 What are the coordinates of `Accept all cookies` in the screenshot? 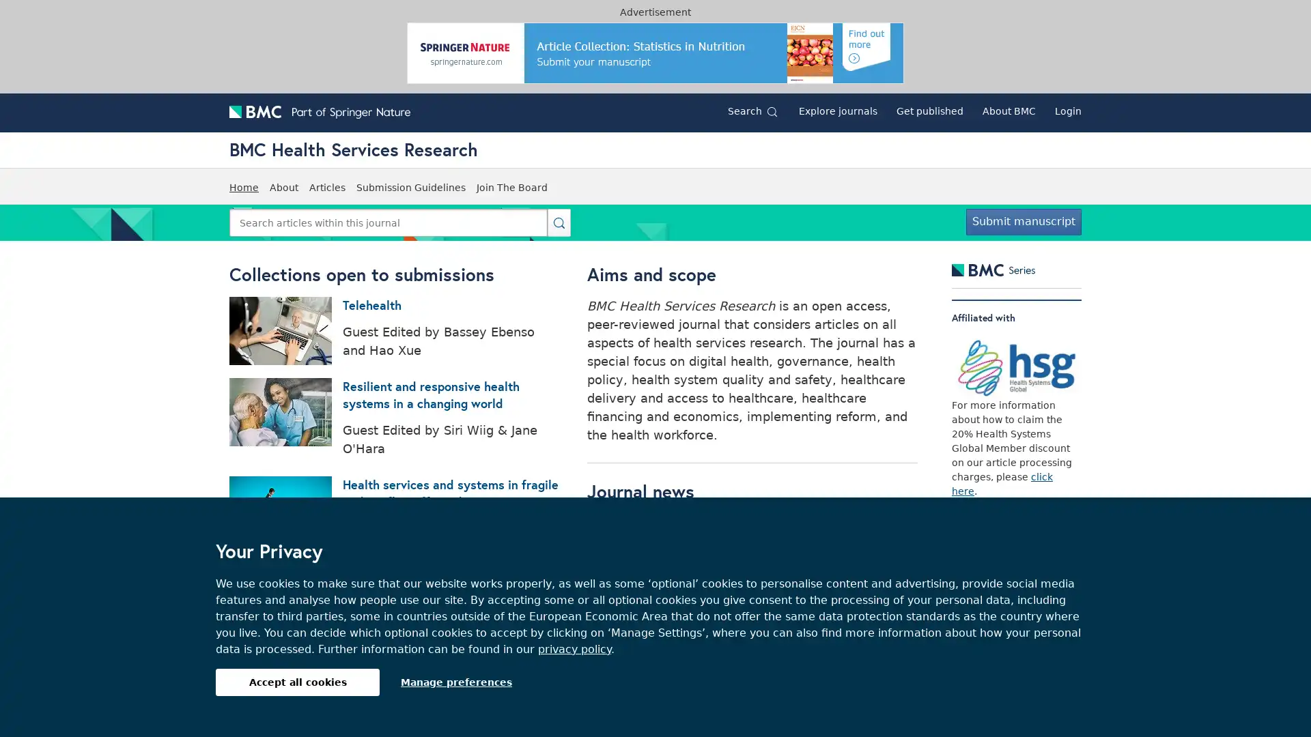 It's located at (297, 682).